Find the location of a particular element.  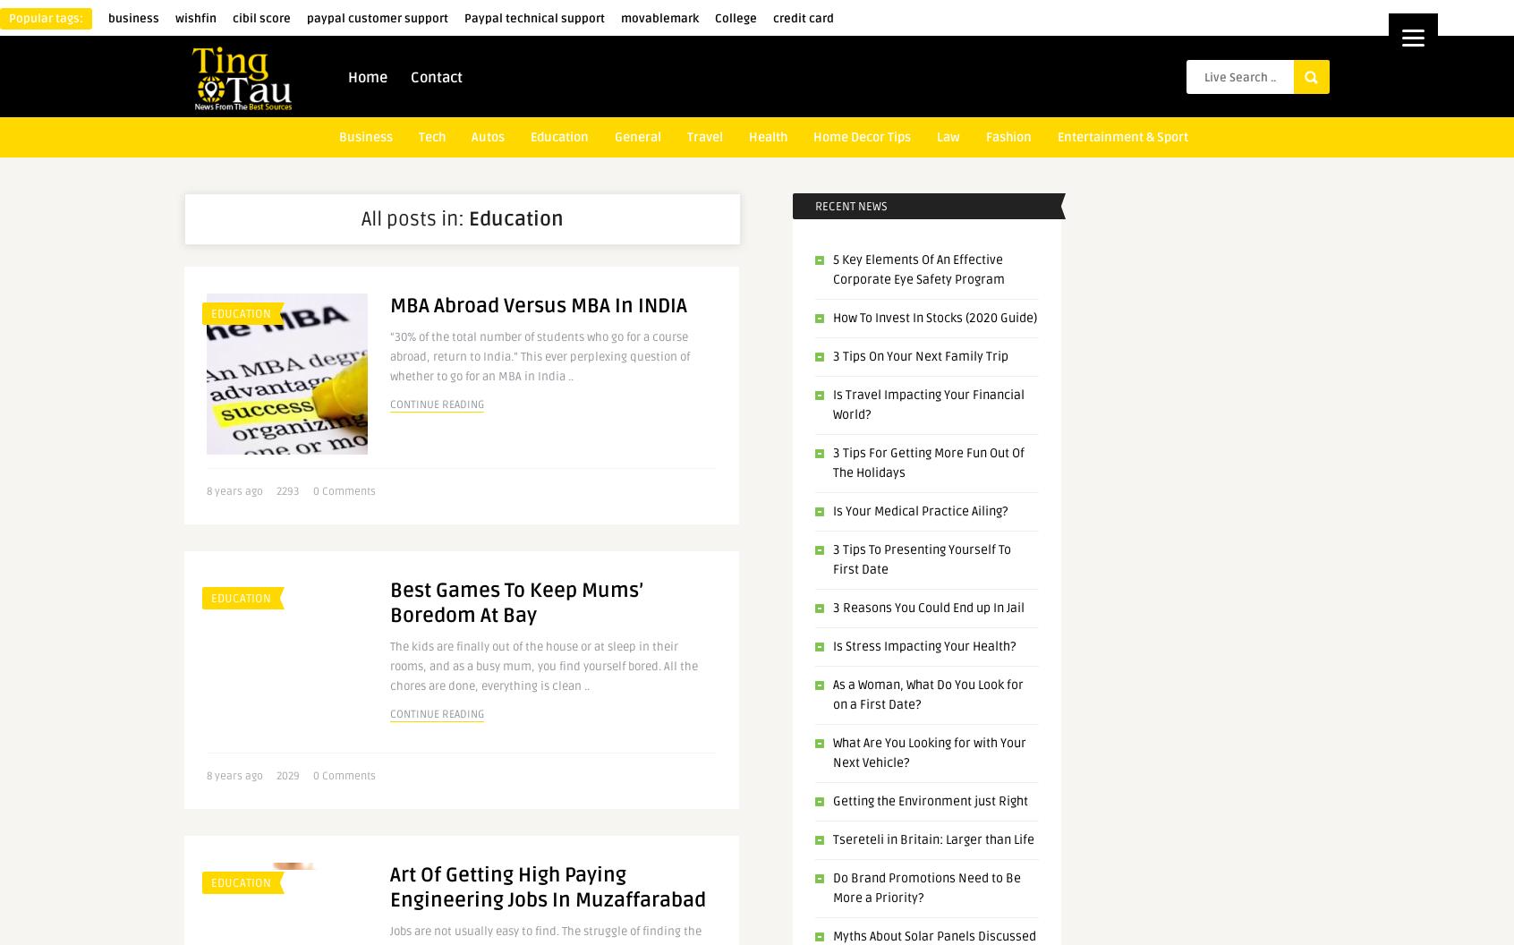

'The kids are finally out of the house or at sleep in their rooms, and as a busy mum, you find yourself bored. All the chores are done, everything is clean ..' is located at coordinates (542, 666).